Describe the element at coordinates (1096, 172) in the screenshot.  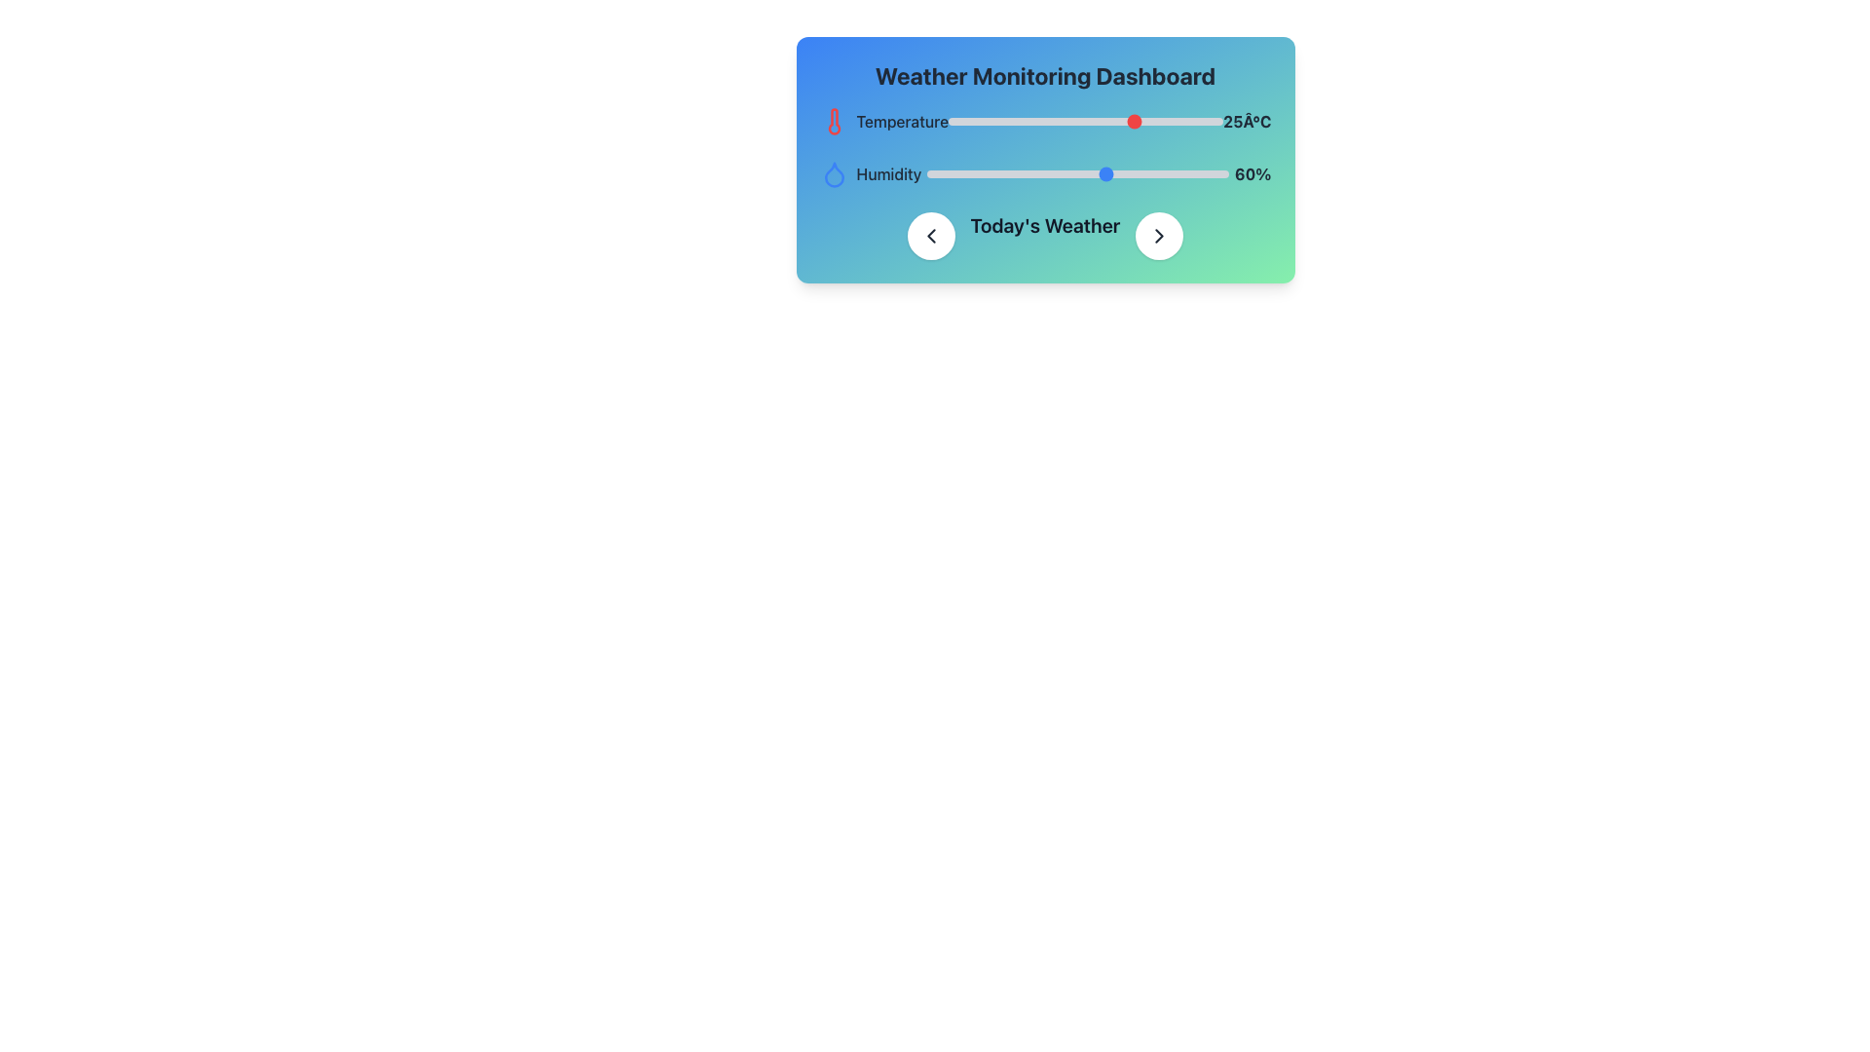
I see `the humidity slider` at that location.